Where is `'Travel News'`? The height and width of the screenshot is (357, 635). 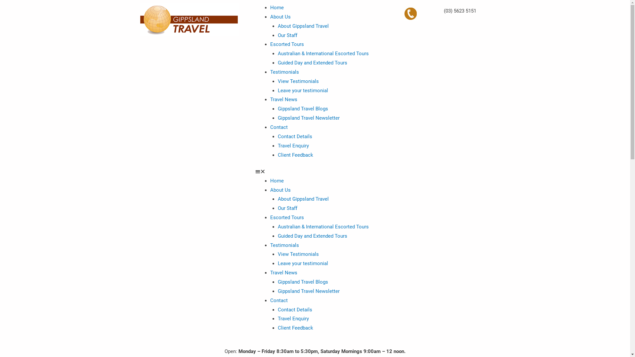
'Travel News' is located at coordinates (284, 99).